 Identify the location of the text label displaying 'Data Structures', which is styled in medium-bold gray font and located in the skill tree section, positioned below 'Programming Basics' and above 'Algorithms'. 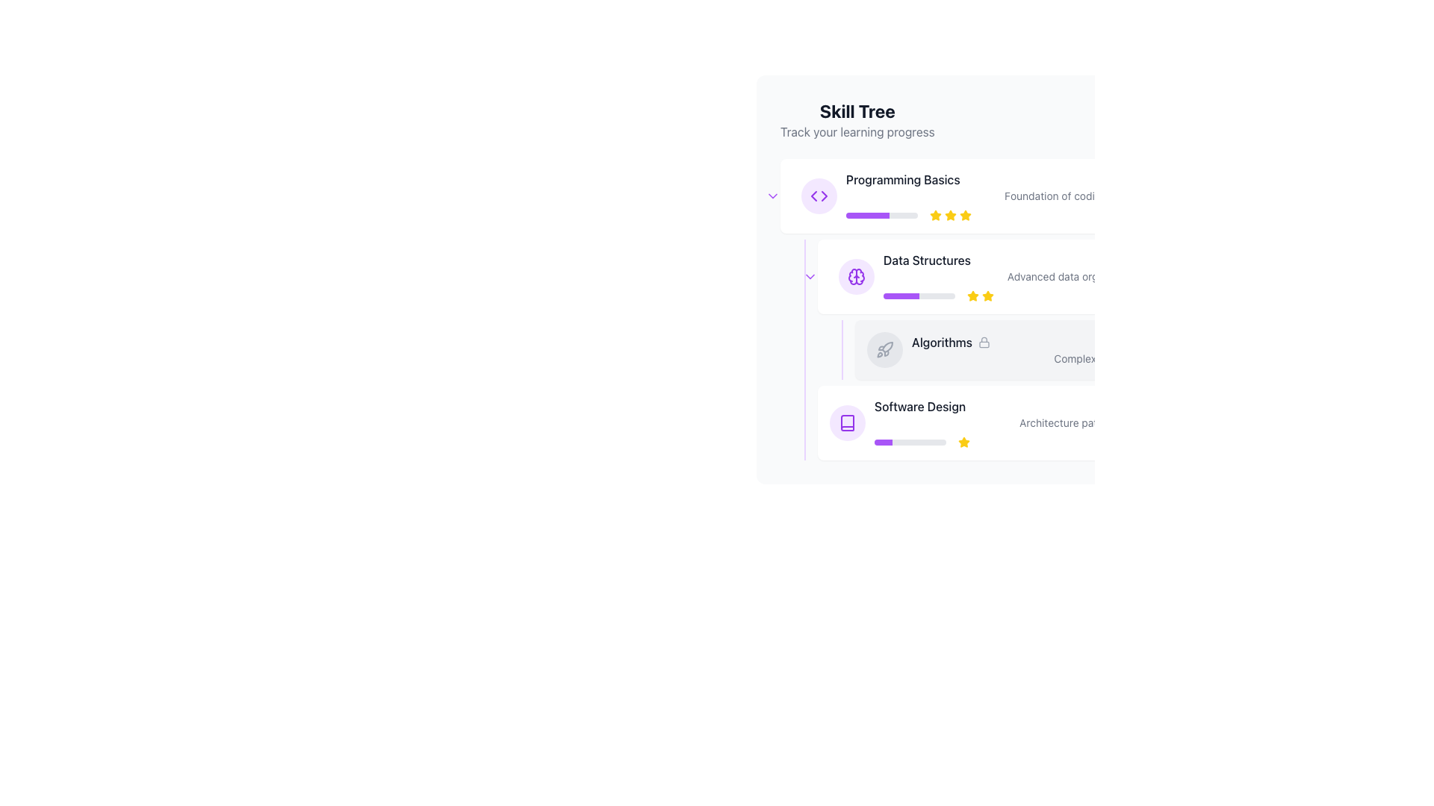
(926, 259).